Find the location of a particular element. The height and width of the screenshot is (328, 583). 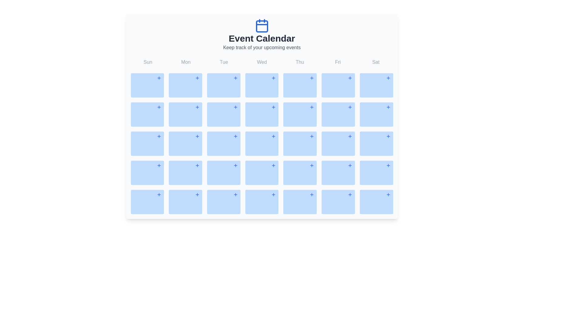

the 'Sunday' text label, which is the first element in the series of day labels at the top of the calendar interface is located at coordinates (148, 62).